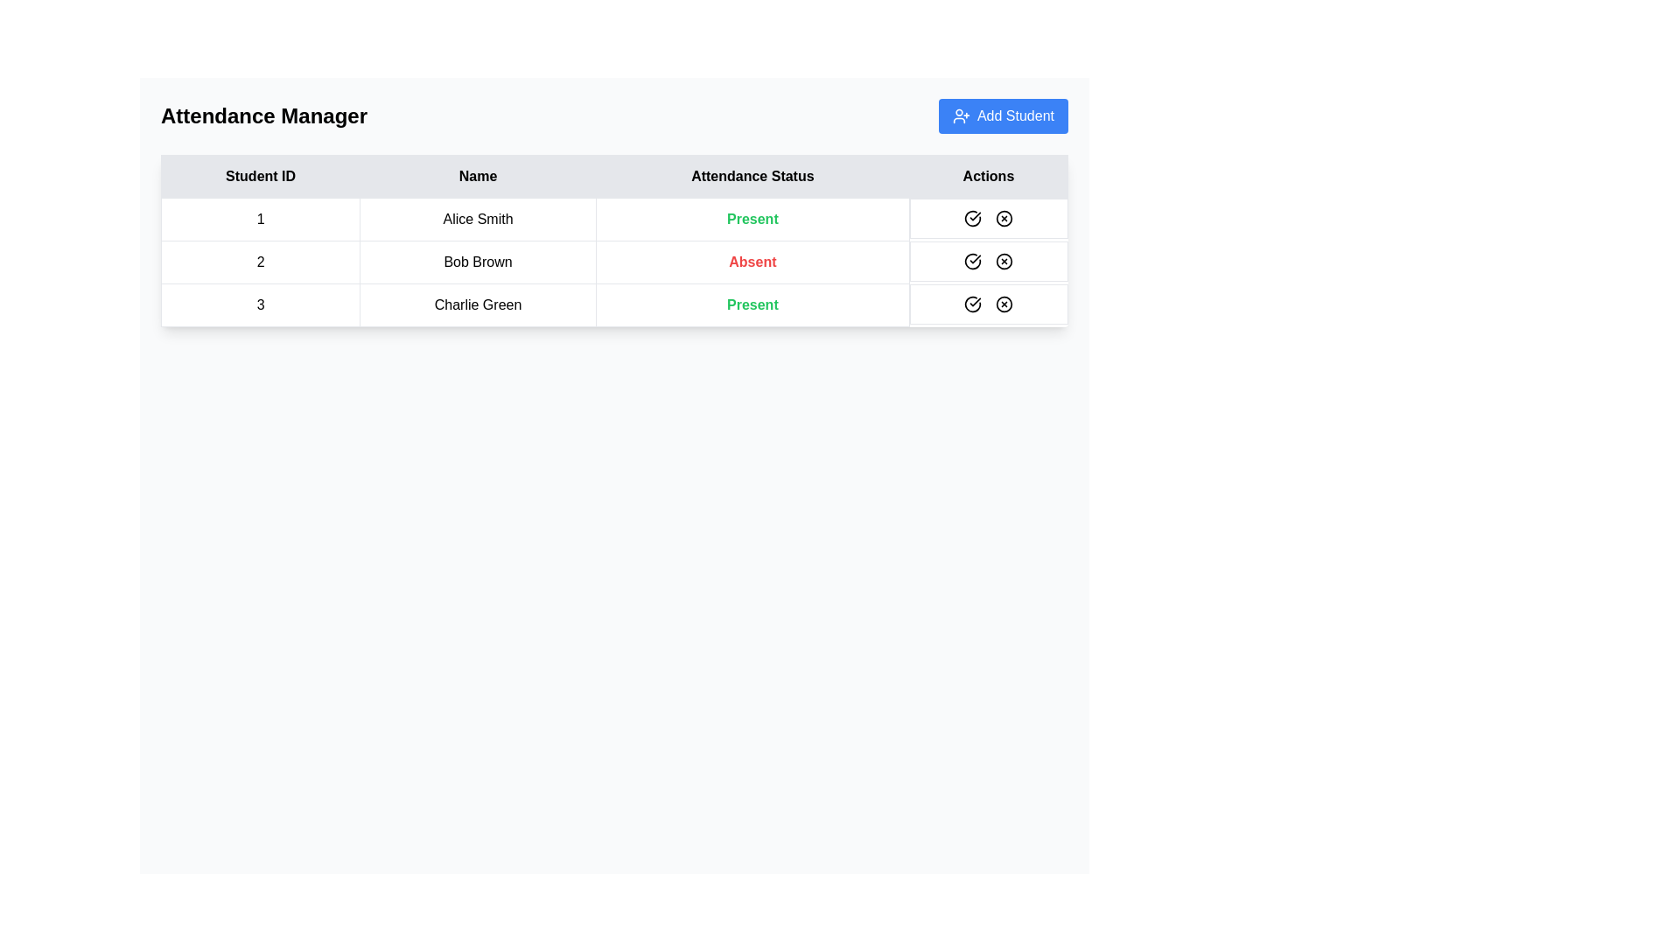 This screenshot has width=1680, height=945. I want to click on the circular outline icon located in the 'Actions' column of the third row, positioned to the right of the Attendance Status, so click(1004, 303).